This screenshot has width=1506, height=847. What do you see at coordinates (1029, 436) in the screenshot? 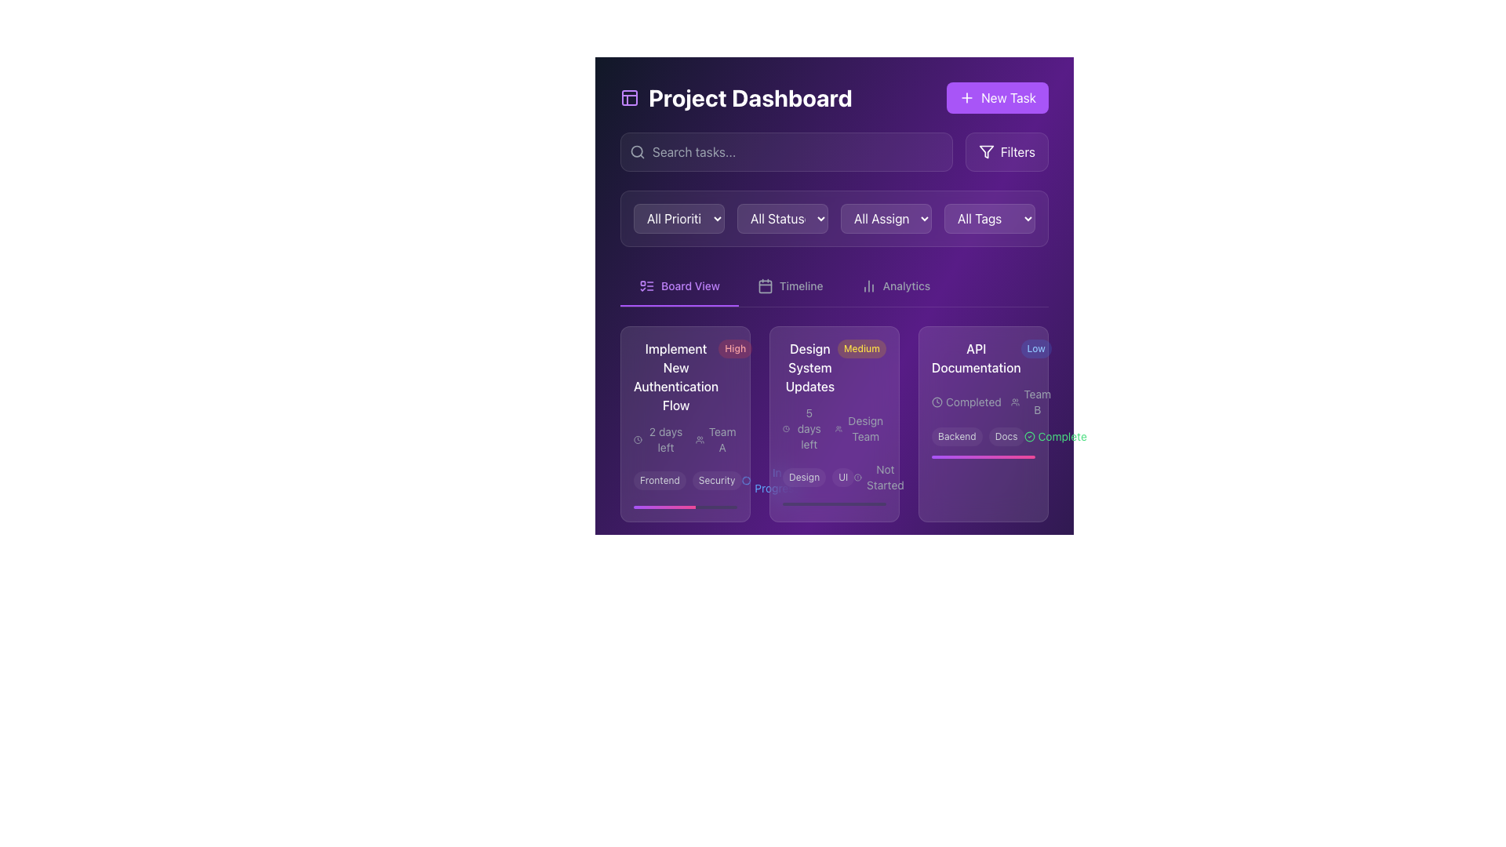
I see `the circular vector graphic within the 'circle-check' icon located on the rightmost side of the 'API Documentation' card for additional details` at bounding box center [1029, 436].